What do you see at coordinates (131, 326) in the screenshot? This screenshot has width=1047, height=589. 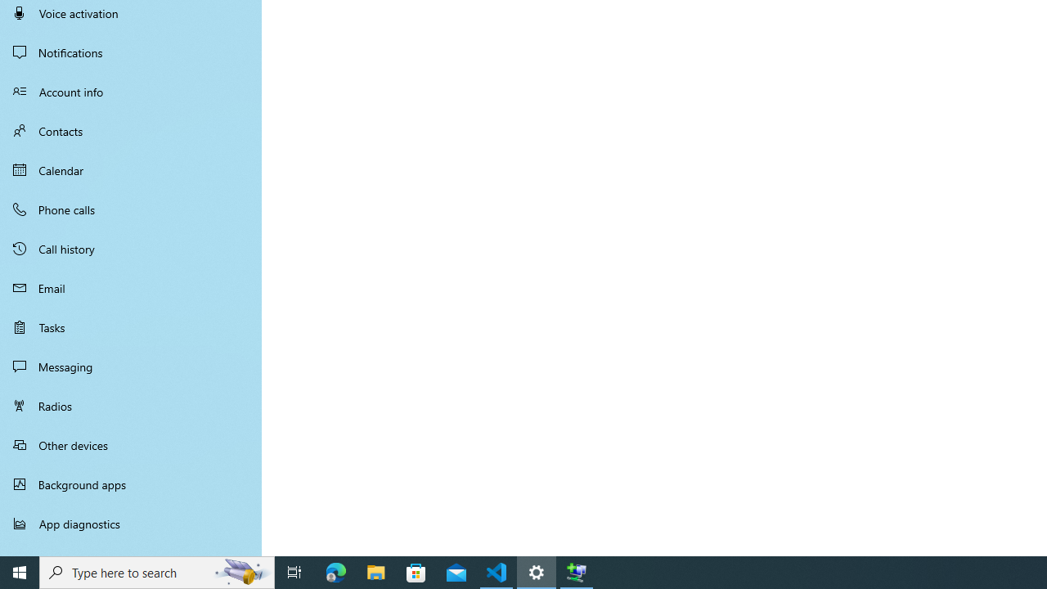 I see `'Tasks'` at bounding box center [131, 326].